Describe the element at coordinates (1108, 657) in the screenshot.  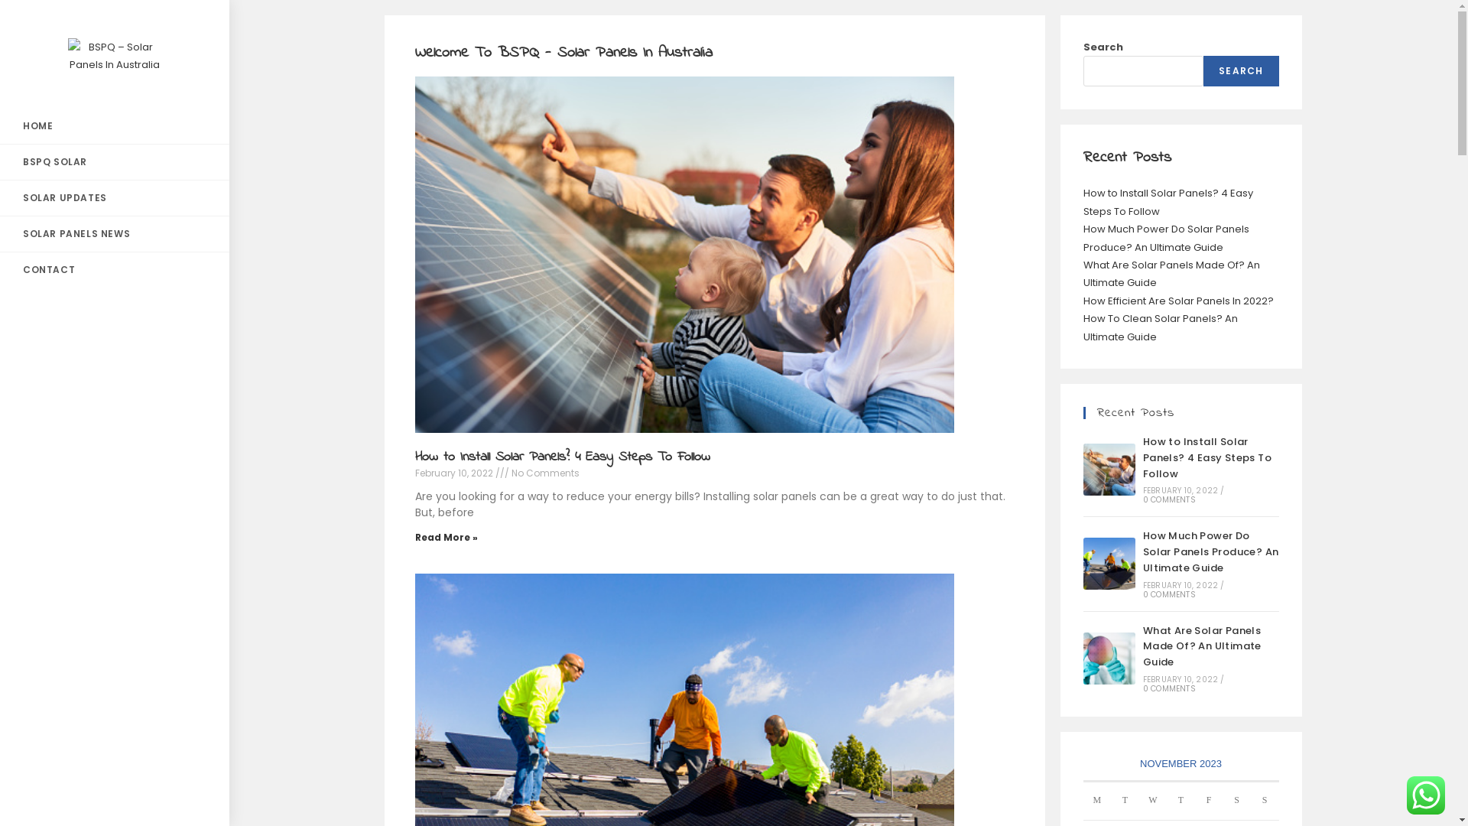
I see `'What Are Solar Panels Made Of? An Ultimate Guide'` at that location.